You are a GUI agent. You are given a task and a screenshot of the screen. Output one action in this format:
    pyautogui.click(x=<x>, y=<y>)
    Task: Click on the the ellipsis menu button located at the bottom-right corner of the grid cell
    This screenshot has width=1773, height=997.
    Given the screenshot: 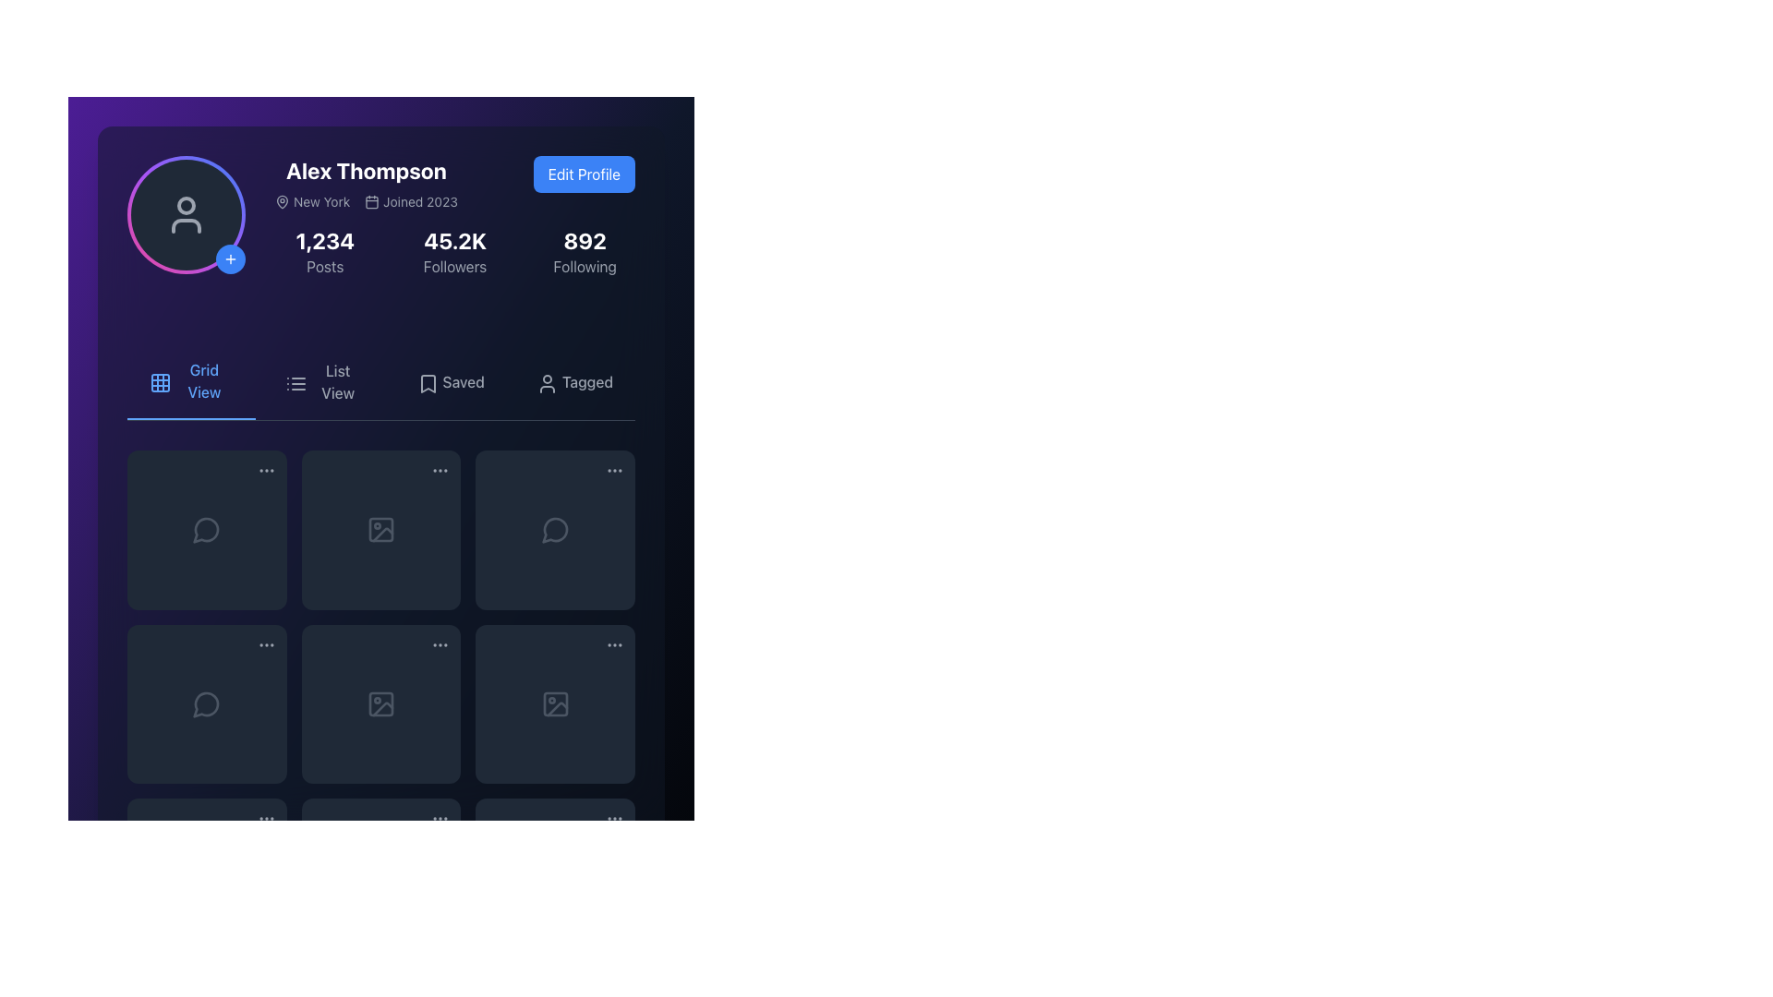 What is the action you would take?
    pyautogui.click(x=265, y=818)
    